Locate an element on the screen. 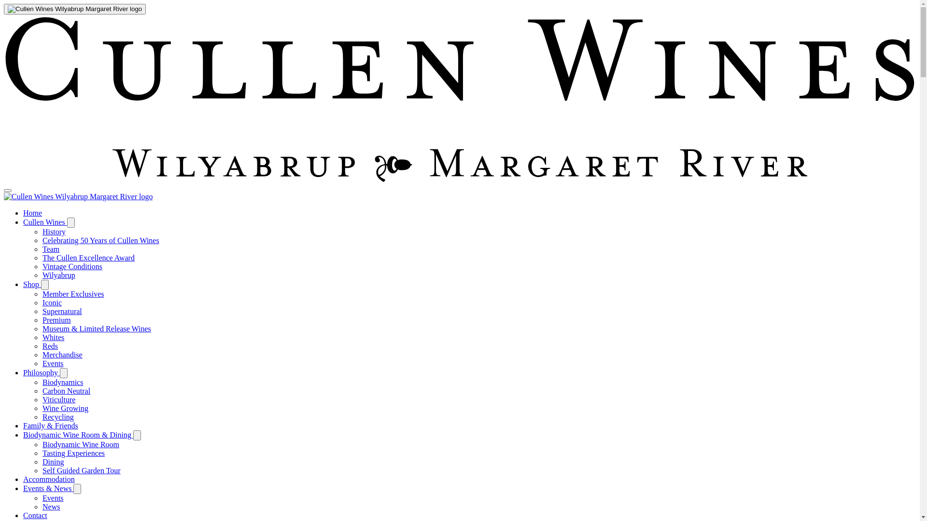 This screenshot has width=927, height=521. 'Wilyabrup' is located at coordinates (58, 275).